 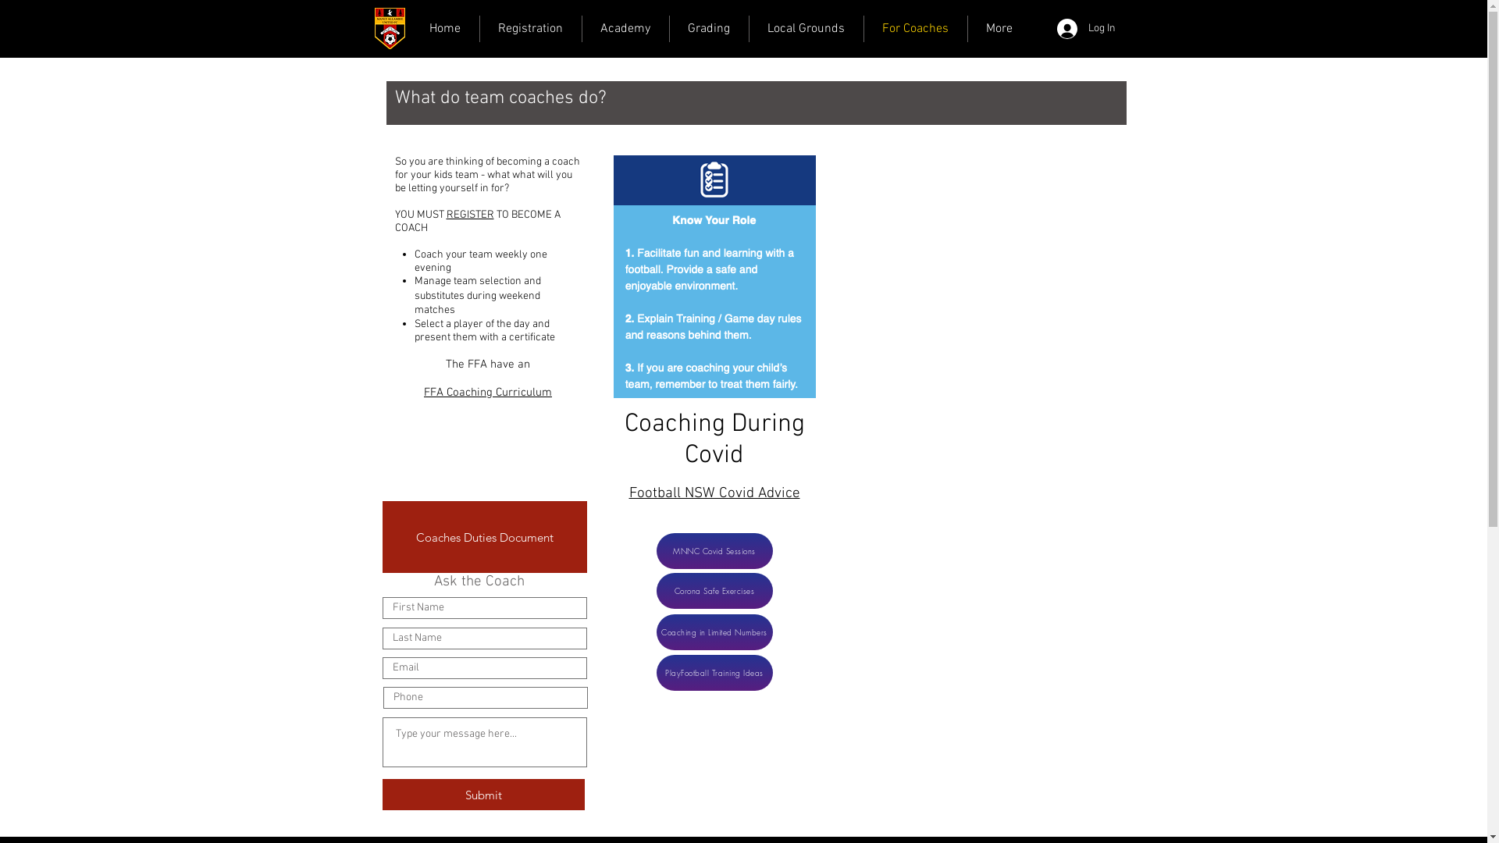 What do you see at coordinates (423, 391) in the screenshot?
I see `'FFA Coaching Curriculum'` at bounding box center [423, 391].